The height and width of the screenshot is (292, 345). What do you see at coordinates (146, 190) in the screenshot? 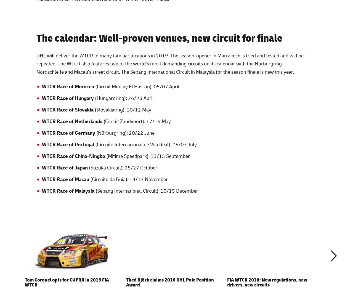
I see `'(Sepang International Circuit): 13/15 December'` at bounding box center [146, 190].